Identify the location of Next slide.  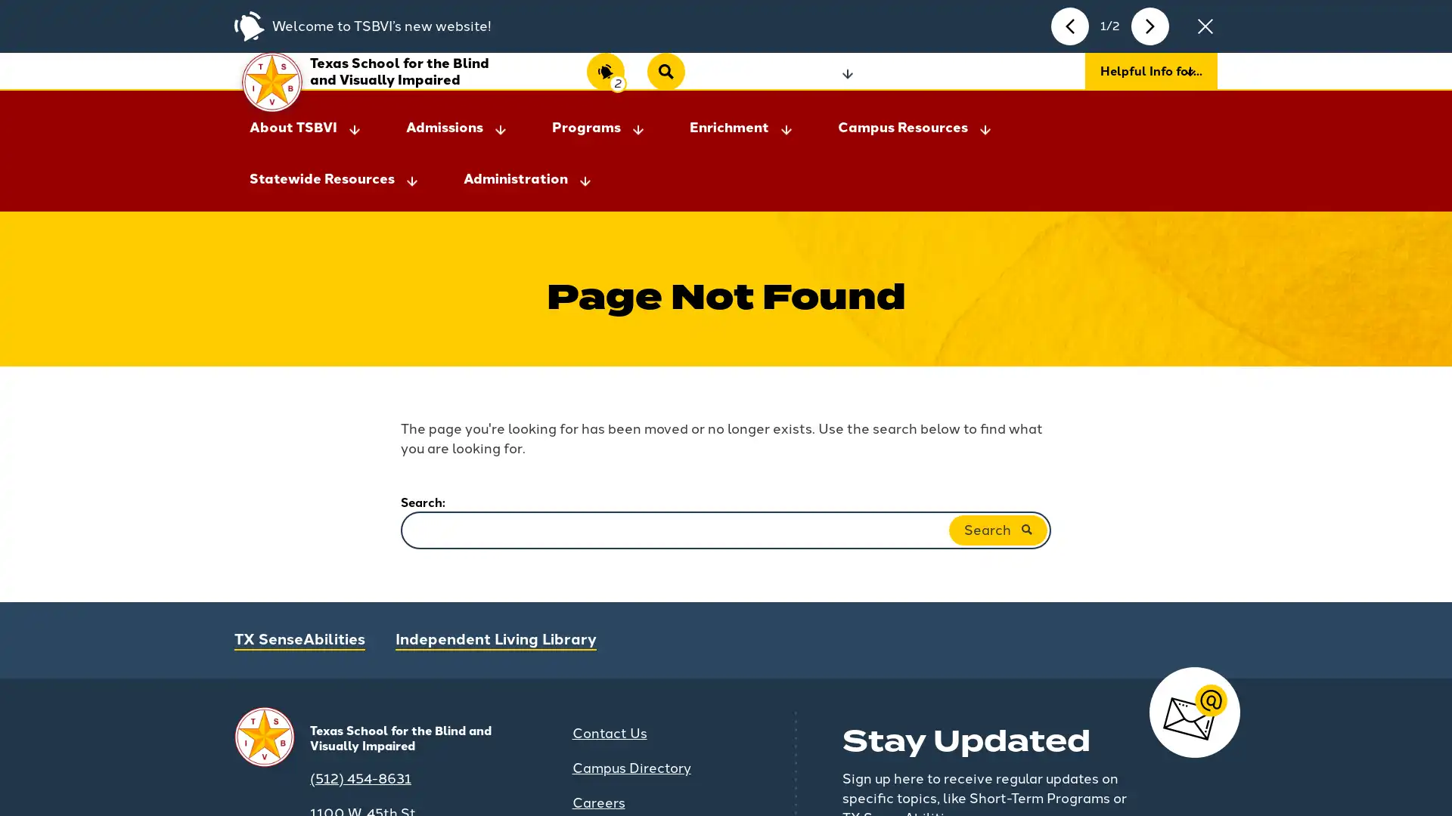
(1149, 26).